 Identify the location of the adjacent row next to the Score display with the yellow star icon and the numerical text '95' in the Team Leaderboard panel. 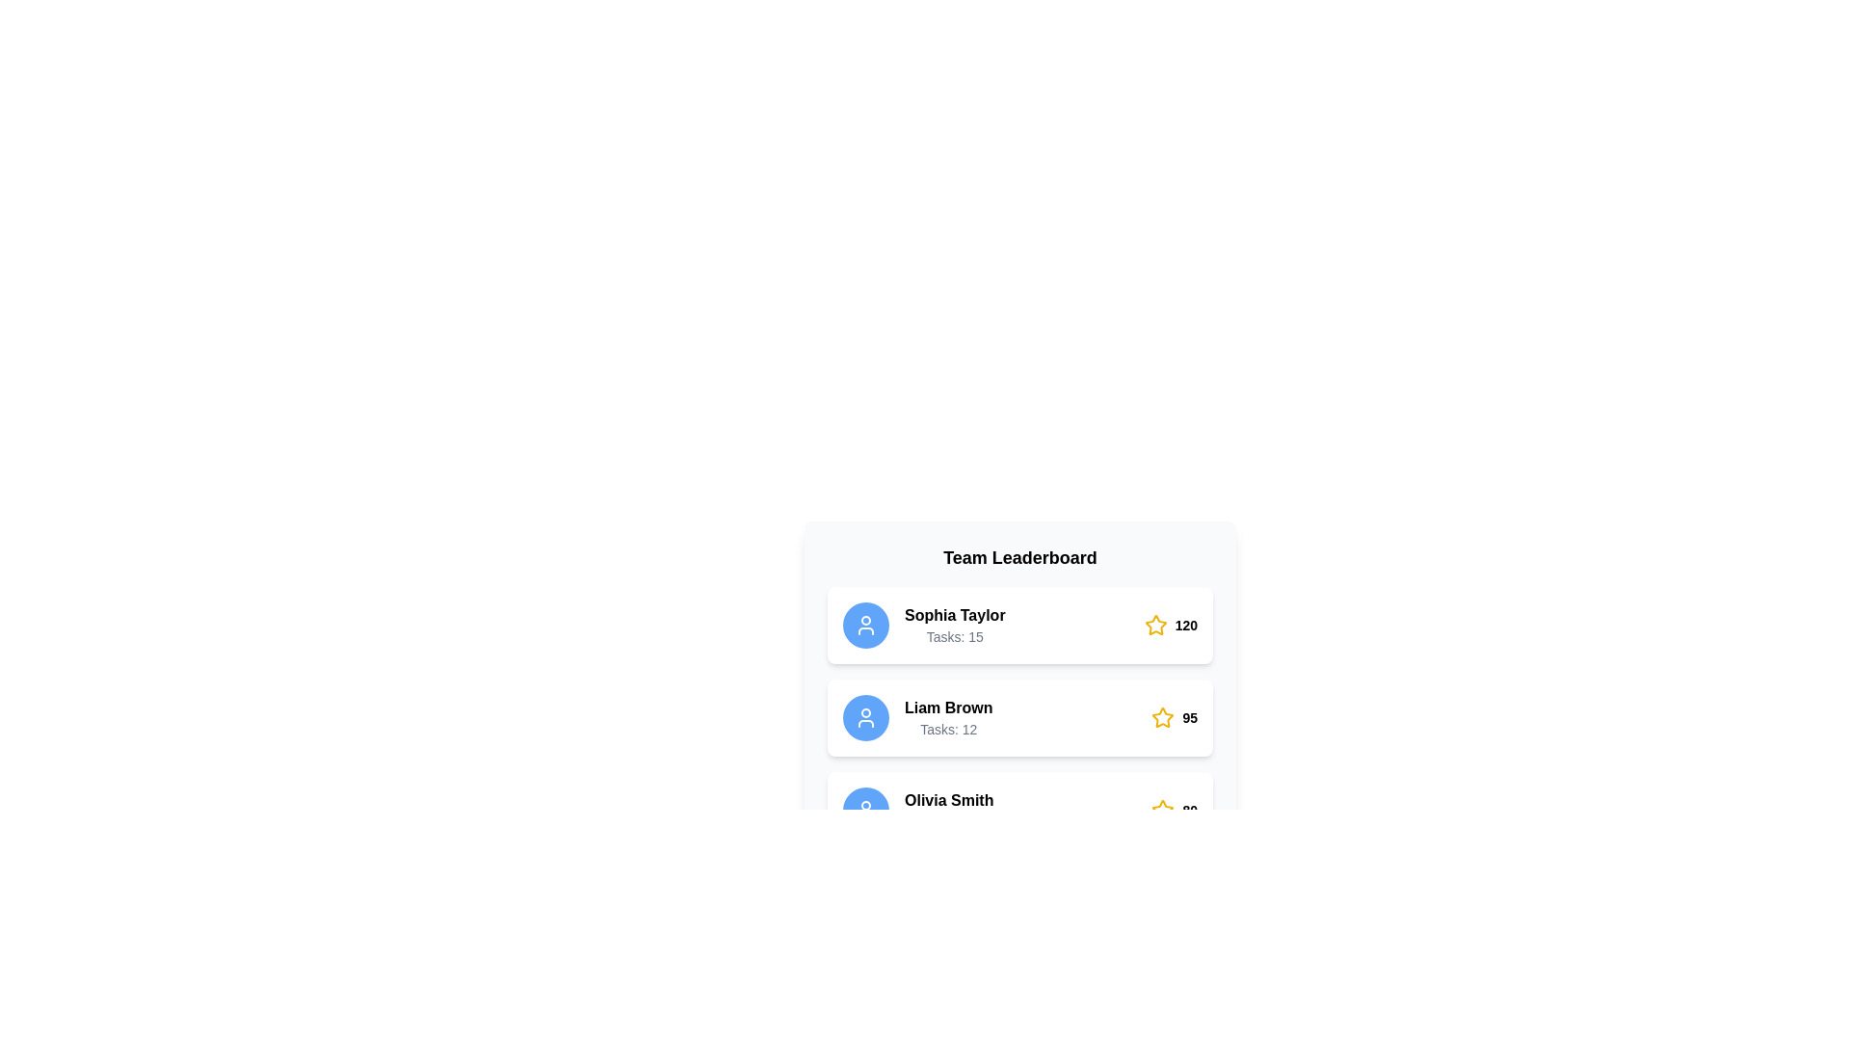
(1174, 717).